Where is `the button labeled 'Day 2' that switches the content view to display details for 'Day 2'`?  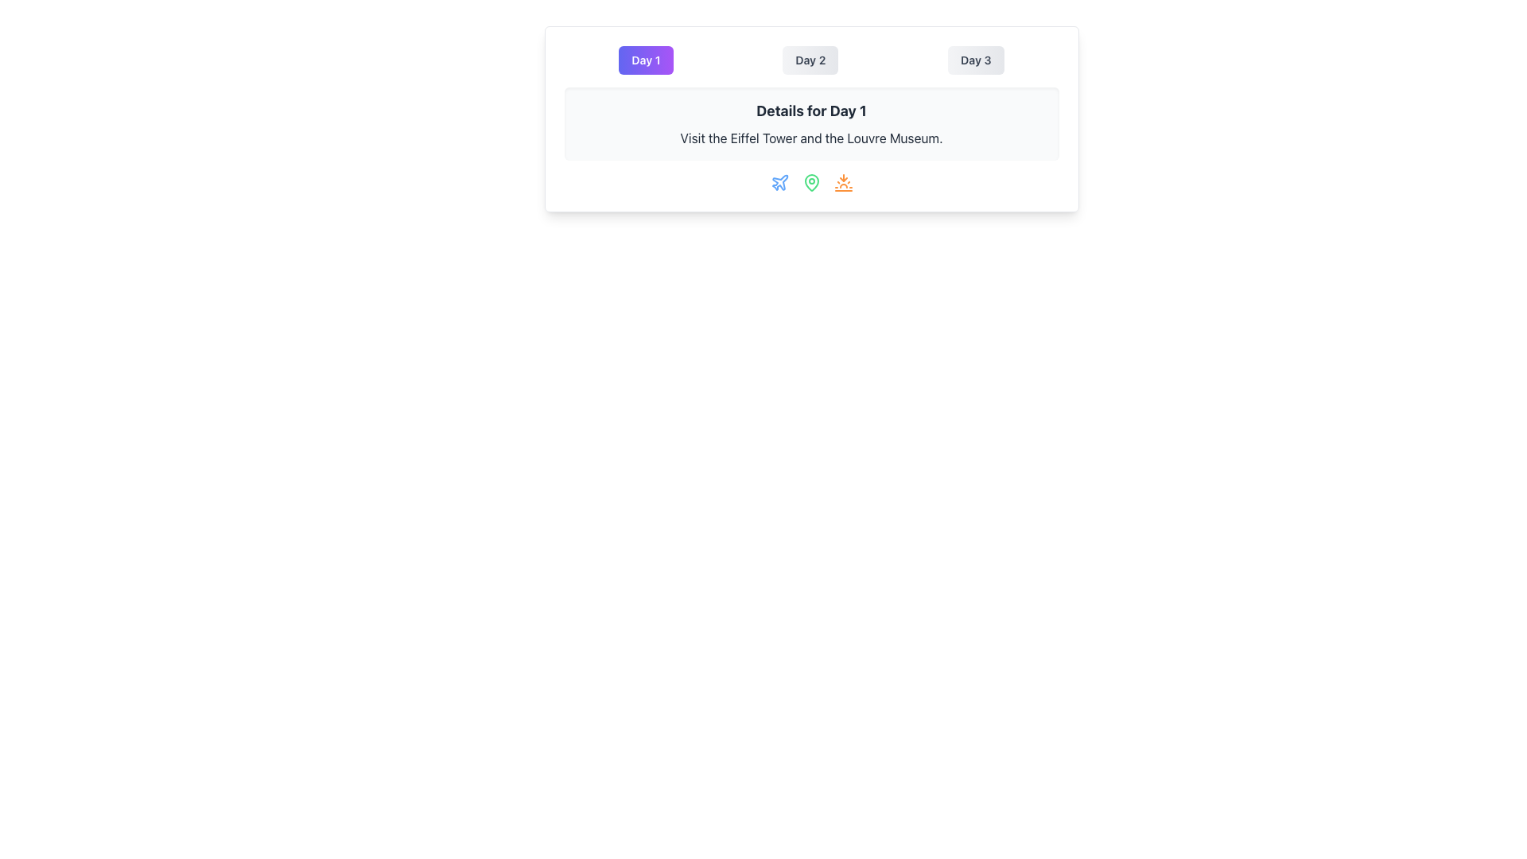 the button labeled 'Day 2' that switches the content view to display details for 'Day 2' is located at coordinates (810, 60).